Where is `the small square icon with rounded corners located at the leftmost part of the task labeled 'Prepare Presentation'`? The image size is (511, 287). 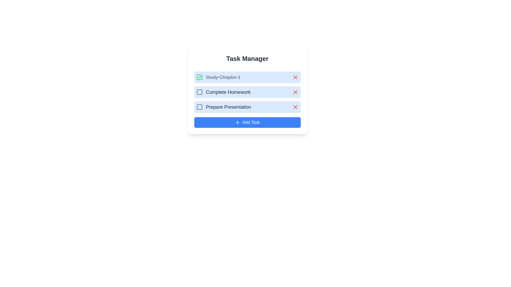 the small square icon with rounded corners located at the leftmost part of the task labeled 'Prepare Presentation' is located at coordinates (199, 107).